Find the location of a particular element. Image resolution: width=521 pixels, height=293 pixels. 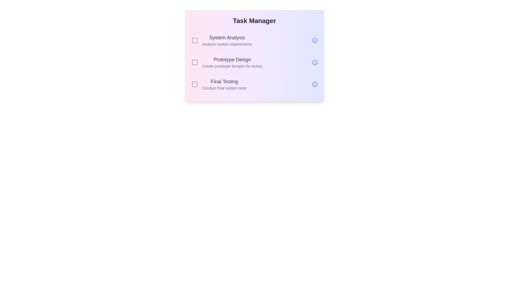

the task name text for Prototype Design is located at coordinates (232, 59).